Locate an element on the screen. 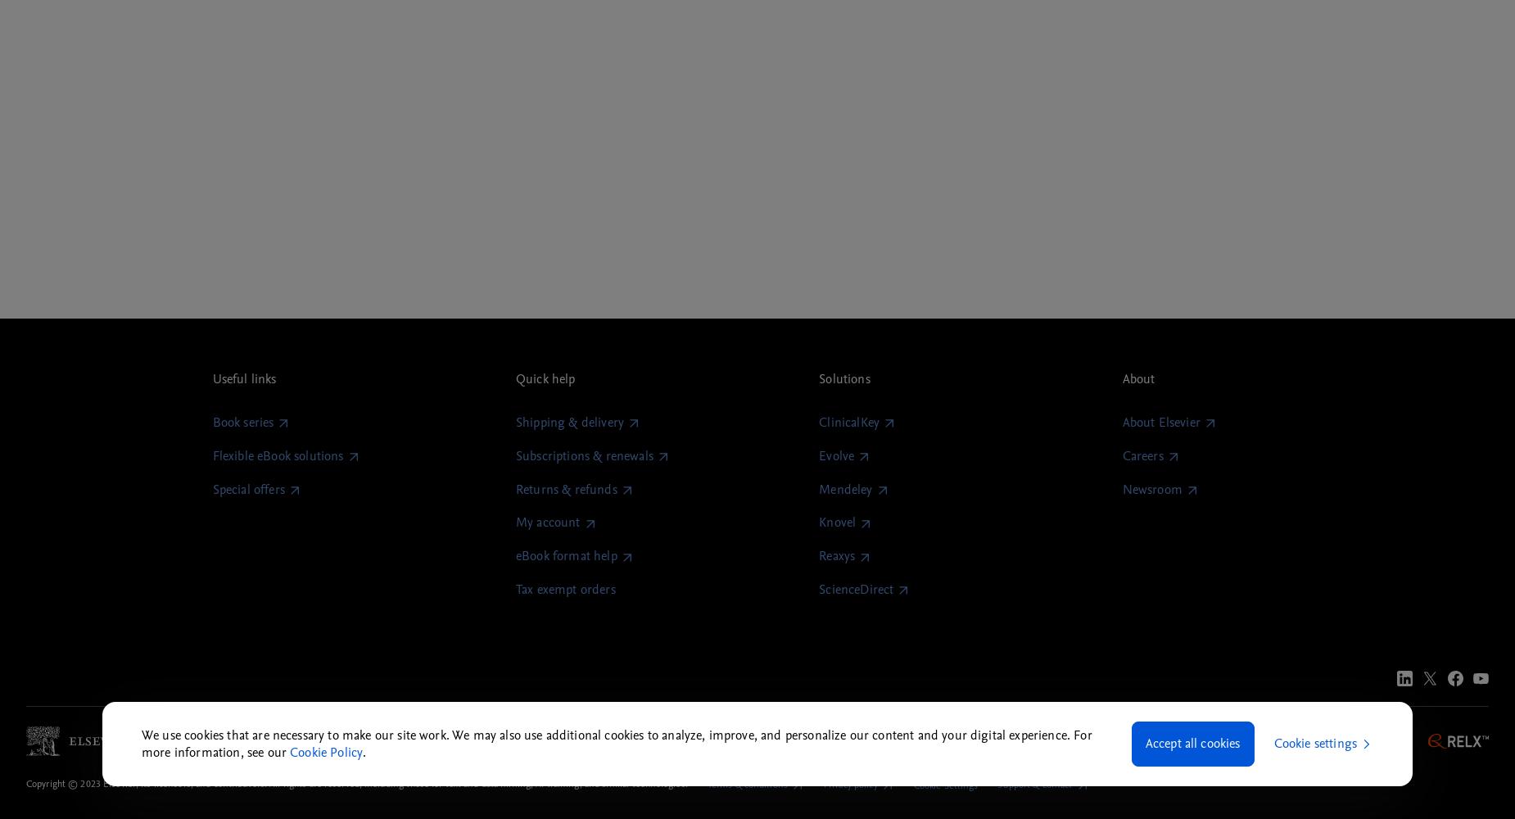 Image resolution: width=1515 pixels, height=819 pixels. 'Returns & refunds' is located at coordinates (565, 488).